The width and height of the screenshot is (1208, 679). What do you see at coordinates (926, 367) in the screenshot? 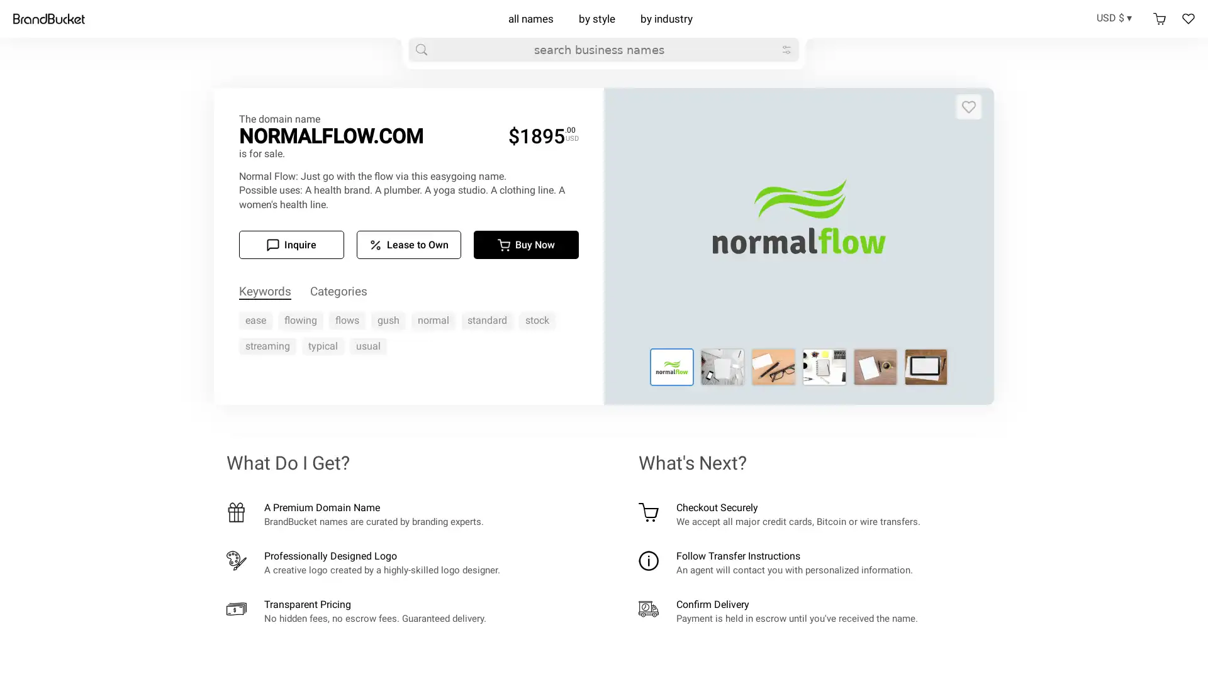
I see `Logo for normalflow.com` at bounding box center [926, 367].